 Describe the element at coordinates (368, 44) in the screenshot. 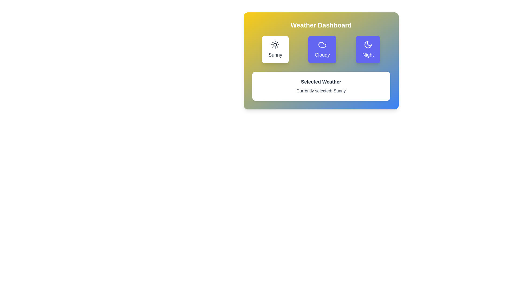

I see `the moon-shaped SVG icon with a purple background and white outline strokes` at that location.